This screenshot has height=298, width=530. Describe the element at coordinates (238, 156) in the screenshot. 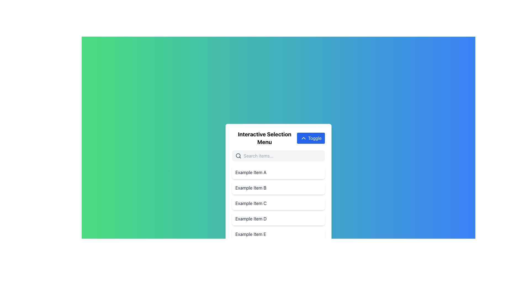

I see `the lens of the magnifying glass icon located within the search bar area, which visually represents search functionality` at that location.